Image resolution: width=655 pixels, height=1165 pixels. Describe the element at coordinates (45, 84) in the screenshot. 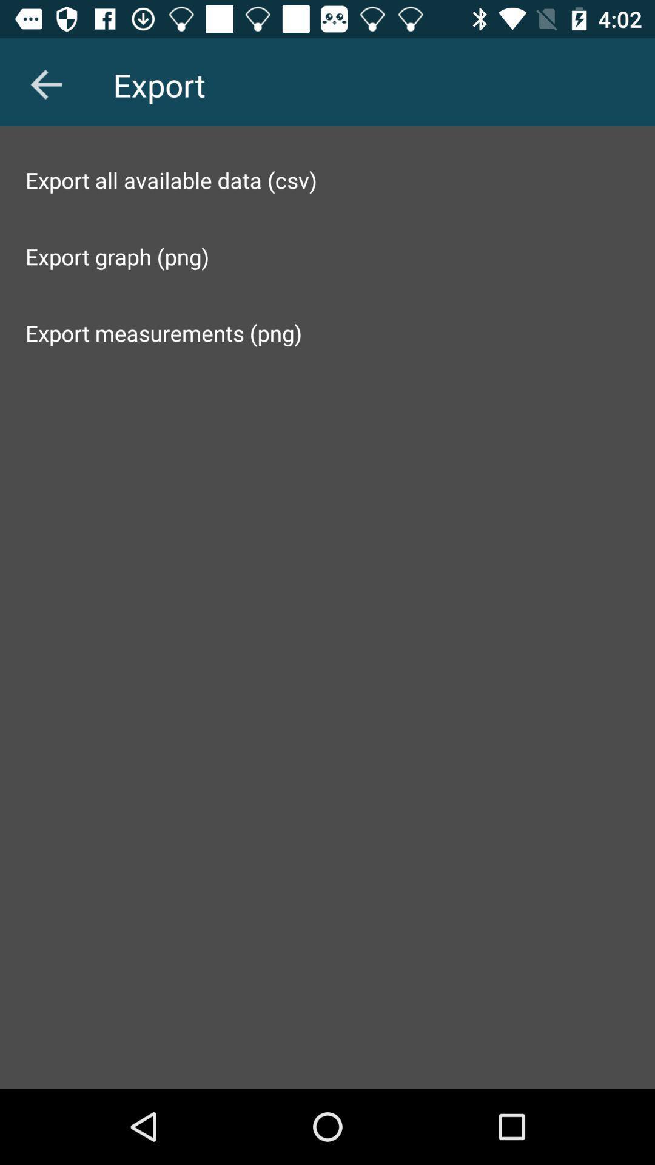

I see `icon next to export` at that location.